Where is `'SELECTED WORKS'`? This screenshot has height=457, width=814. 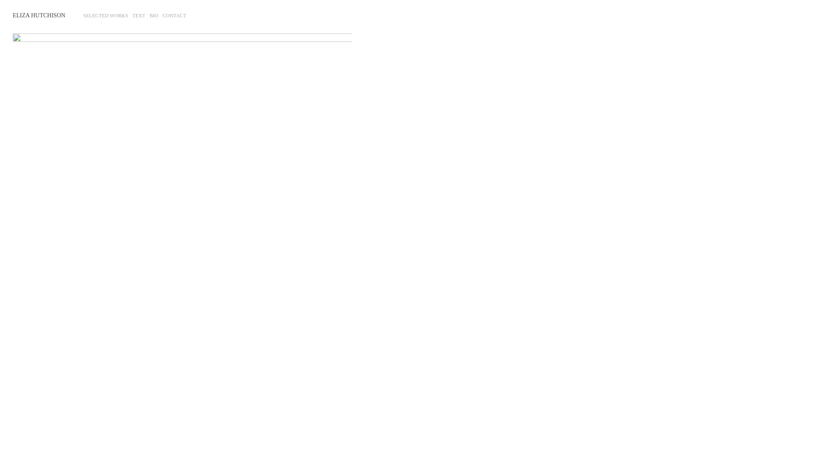 'SELECTED WORKS' is located at coordinates (105, 16).